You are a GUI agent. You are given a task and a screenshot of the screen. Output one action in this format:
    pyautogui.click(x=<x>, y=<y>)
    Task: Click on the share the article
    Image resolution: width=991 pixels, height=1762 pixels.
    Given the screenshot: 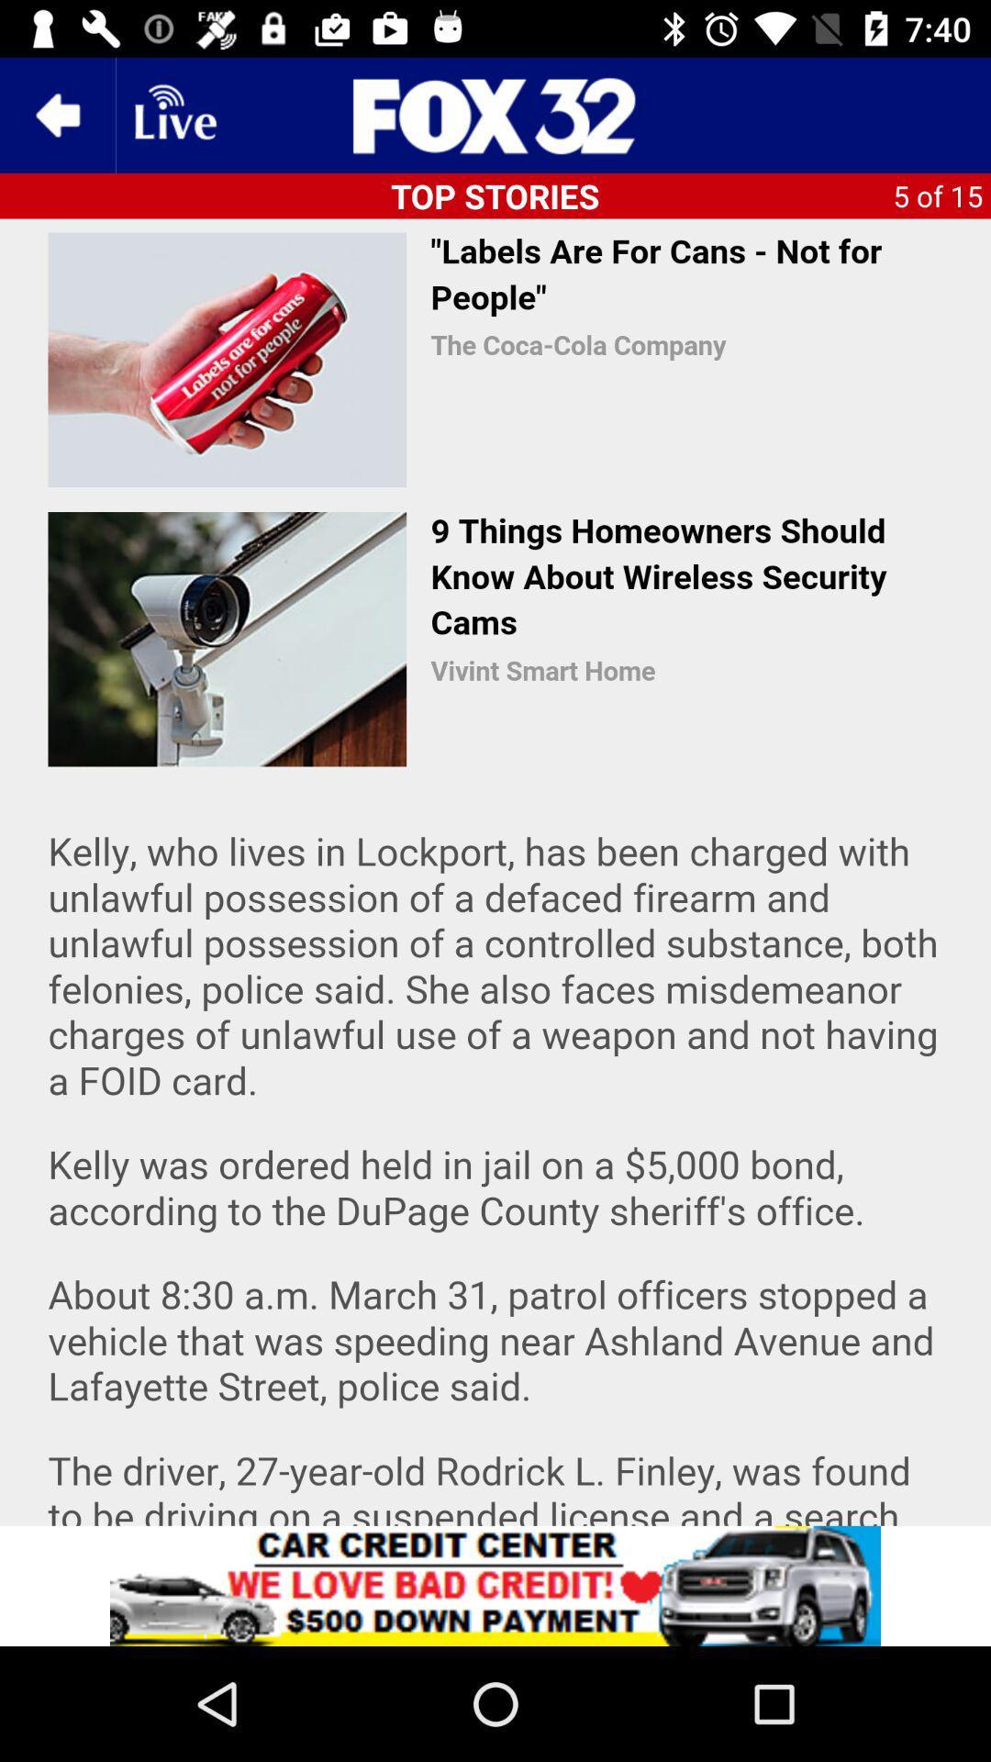 What is the action you would take?
    pyautogui.click(x=495, y=1585)
    